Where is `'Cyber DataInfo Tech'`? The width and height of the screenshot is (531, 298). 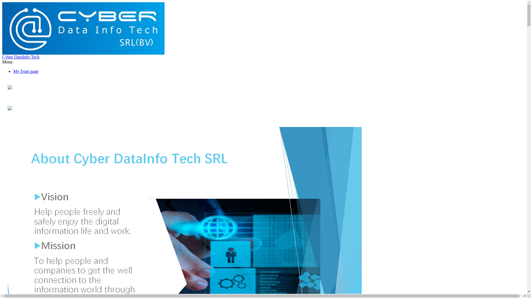 'Cyber DataInfo Tech' is located at coordinates (21, 57).